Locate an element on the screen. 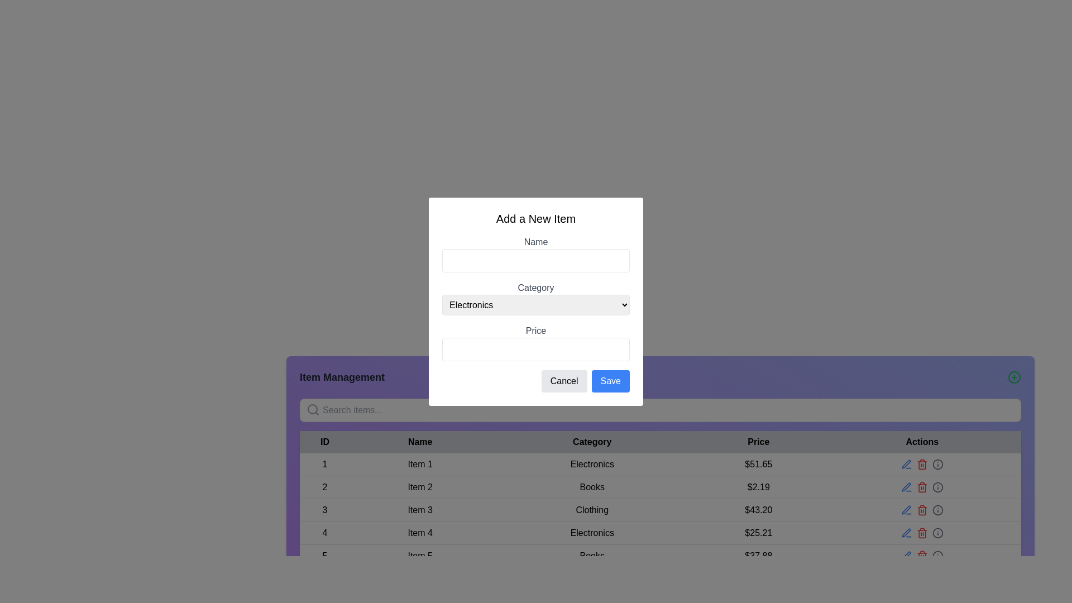 The image size is (1072, 603). the 'Electronics' text label located in the fourth row of the category column in the table beneath the main form is located at coordinates (591, 533).